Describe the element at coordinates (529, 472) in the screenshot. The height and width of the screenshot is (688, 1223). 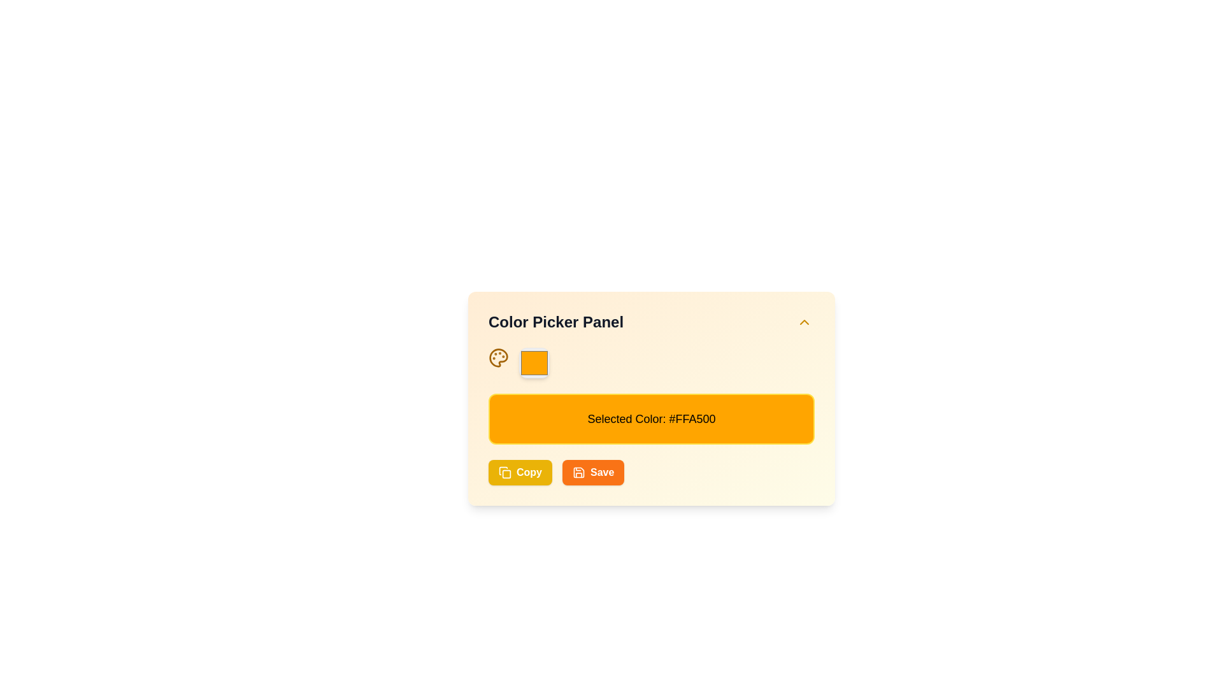
I see `the button that contains the text label for copying the selected color, located to the left of the 'Save' button at the bottom-left side of the panel` at that location.